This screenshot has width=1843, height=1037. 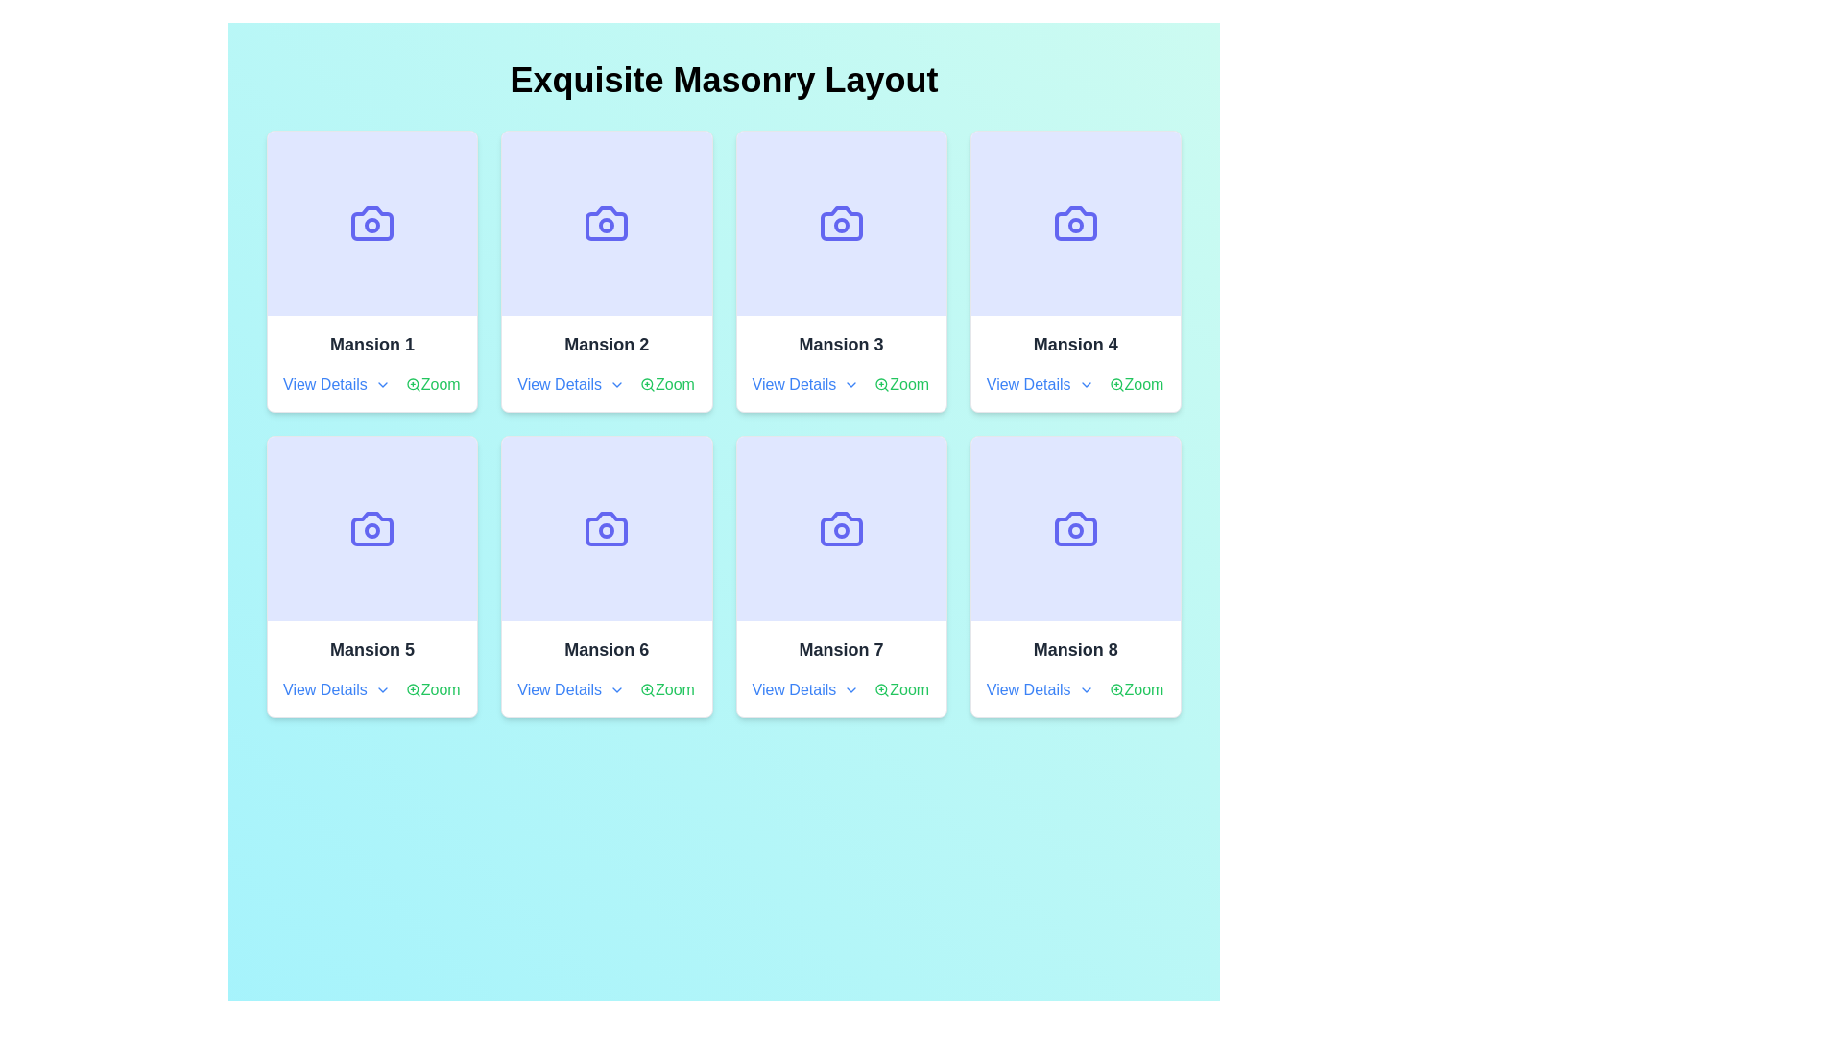 What do you see at coordinates (336, 385) in the screenshot?
I see `the link with an associated icon` at bounding box center [336, 385].